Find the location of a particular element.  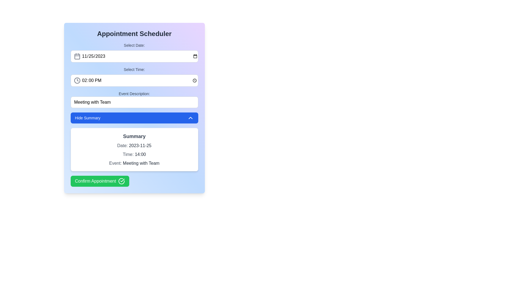

the text label displaying 'Select Date:' which is positioned below the 'Appointment Scheduler' header and above the date input field is located at coordinates (134, 45).